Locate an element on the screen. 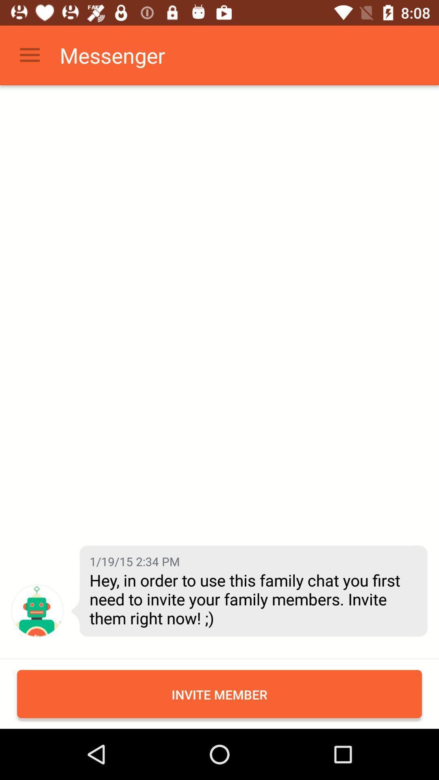 This screenshot has width=439, height=780. the icon to the left of messenger is located at coordinates (29, 55).